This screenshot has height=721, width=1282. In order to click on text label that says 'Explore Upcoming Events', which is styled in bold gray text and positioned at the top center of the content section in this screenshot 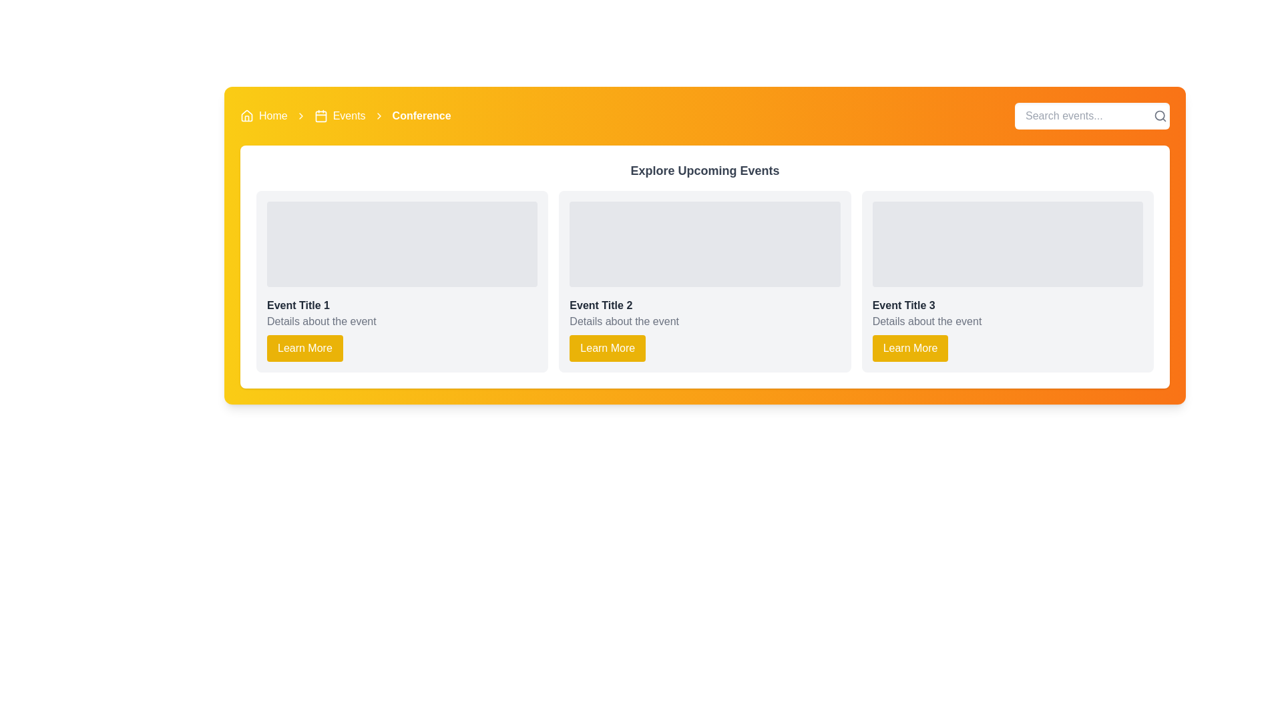, I will do `click(704, 170)`.